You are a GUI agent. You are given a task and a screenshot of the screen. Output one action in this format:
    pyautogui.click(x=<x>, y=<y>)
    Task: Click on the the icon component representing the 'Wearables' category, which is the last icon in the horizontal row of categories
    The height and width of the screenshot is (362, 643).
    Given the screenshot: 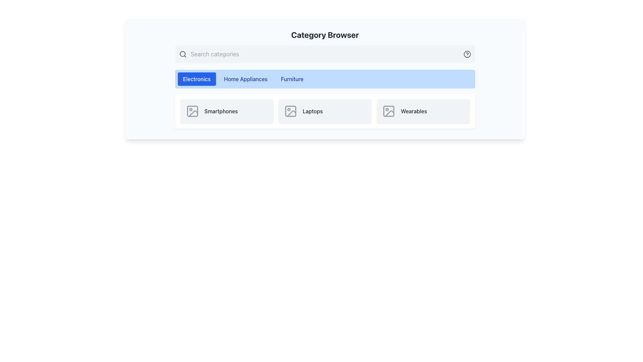 What is the action you would take?
    pyautogui.click(x=389, y=111)
    